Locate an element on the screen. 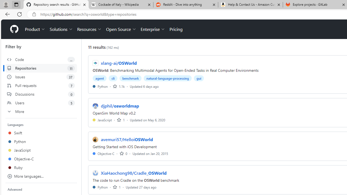 The width and height of the screenshot is (347, 195). 'Objective-C' is located at coordinates (104, 153).